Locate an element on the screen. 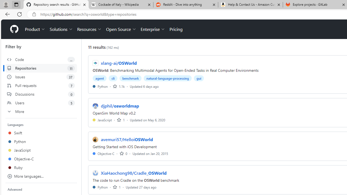 The width and height of the screenshot is (347, 195). 'Objective-C' is located at coordinates (104, 153).